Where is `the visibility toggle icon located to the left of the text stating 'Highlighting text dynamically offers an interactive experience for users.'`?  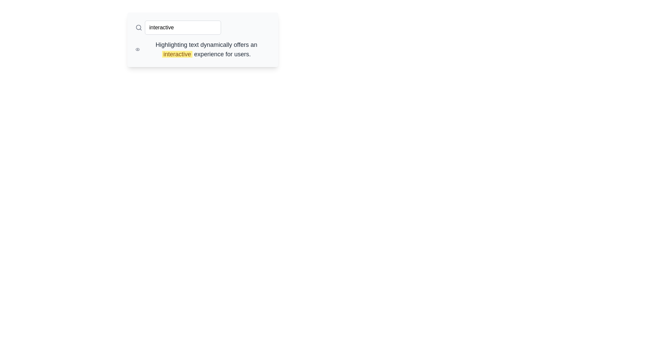 the visibility toggle icon located to the left of the text stating 'Highlighting text dynamically offers an interactive experience for users.' is located at coordinates (137, 49).